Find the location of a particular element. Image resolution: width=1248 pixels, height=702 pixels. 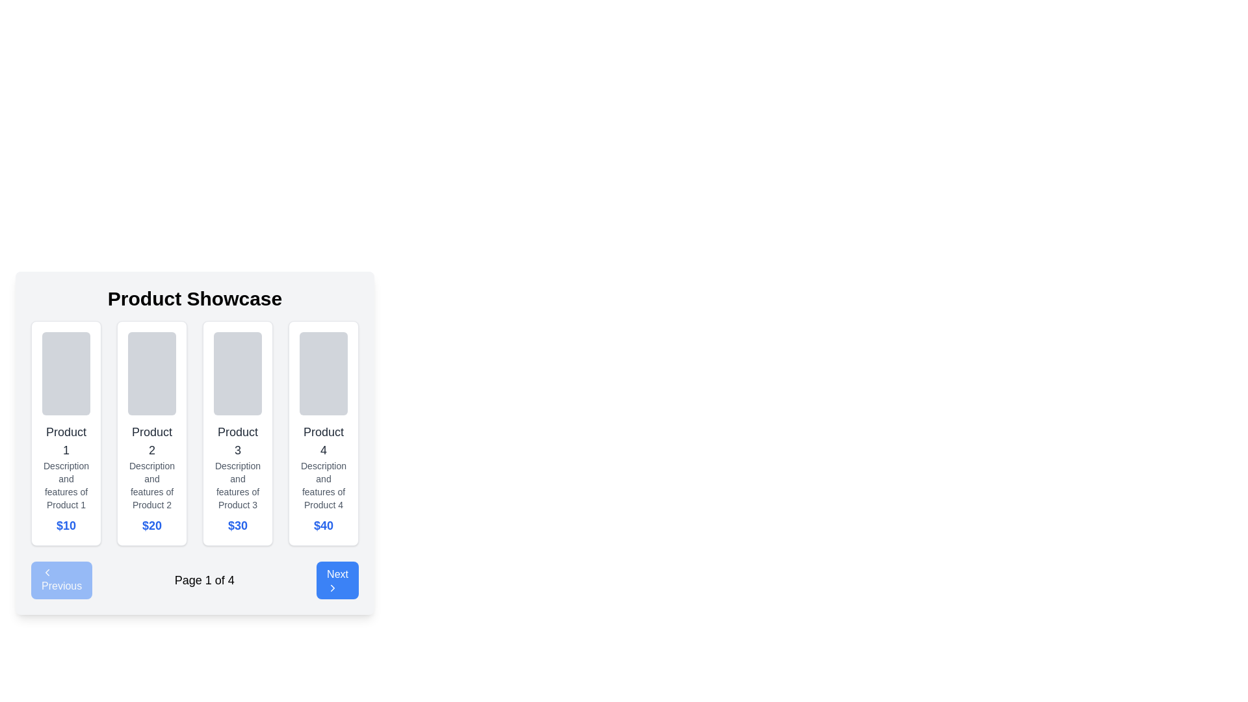

the text element displaying 'Description and features of Product 3', which is located below the 'Product 3' title in the product card is located at coordinates (237, 486).